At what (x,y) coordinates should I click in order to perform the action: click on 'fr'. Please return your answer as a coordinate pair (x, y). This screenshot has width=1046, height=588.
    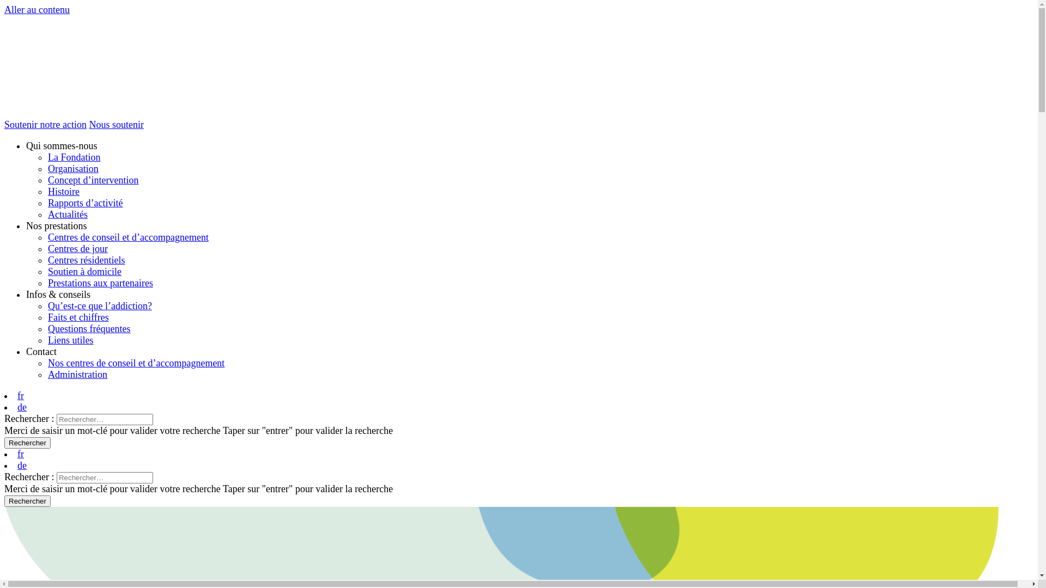
    Looking at the image, I should click on (21, 454).